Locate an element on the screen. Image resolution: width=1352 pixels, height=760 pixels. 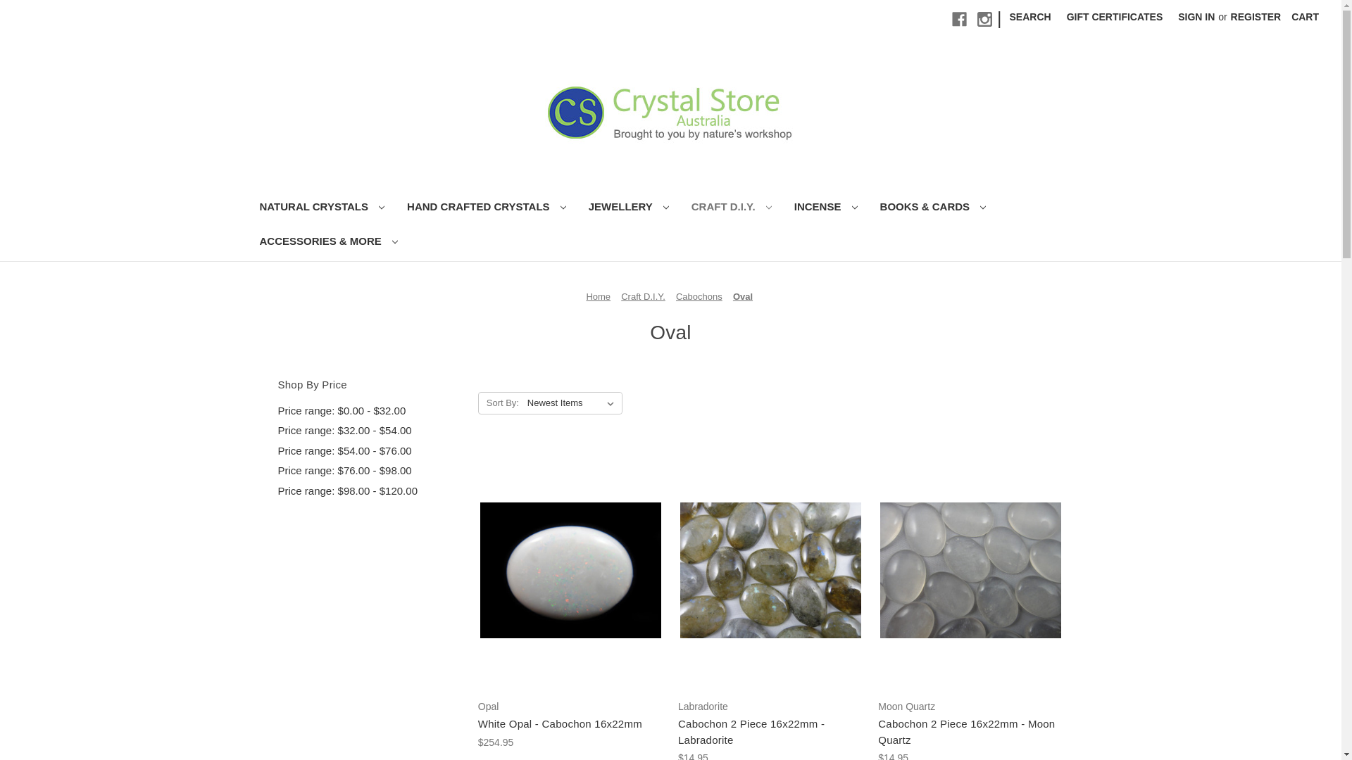
'Instagram' is located at coordinates (984, 19).